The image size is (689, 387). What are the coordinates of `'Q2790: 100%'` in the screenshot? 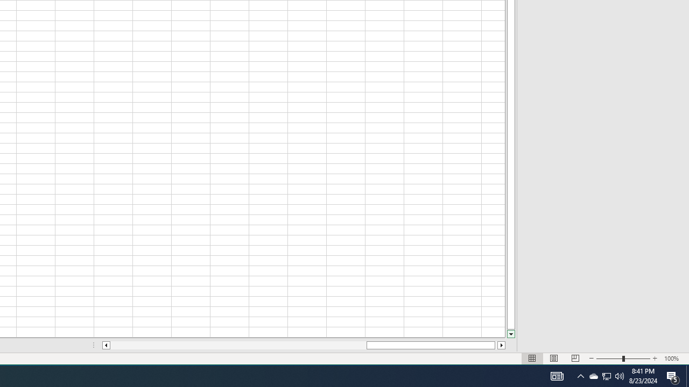 It's located at (673, 375).